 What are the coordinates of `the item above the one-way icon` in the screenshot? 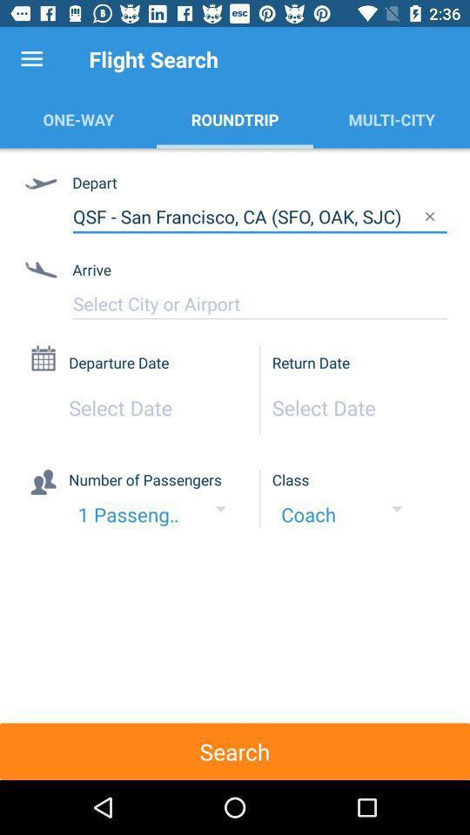 It's located at (31, 59).